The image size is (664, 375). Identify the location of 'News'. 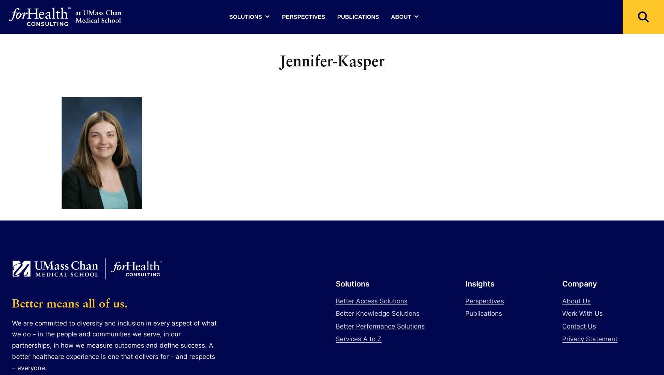
(404, 62).